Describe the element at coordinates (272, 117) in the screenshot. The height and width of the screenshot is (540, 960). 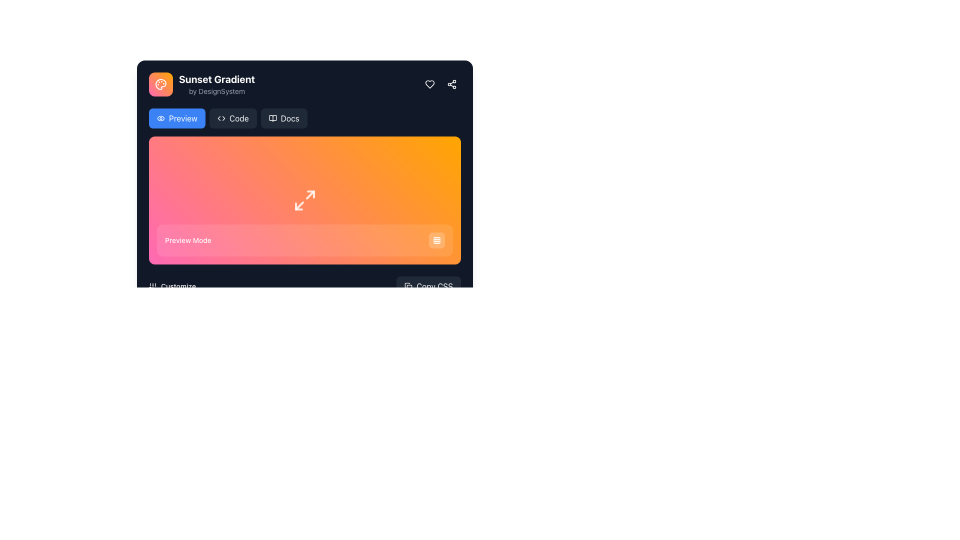
I see `the opened book icon located in the upper-right corner of the navigation bar for a tooltip` at that location.